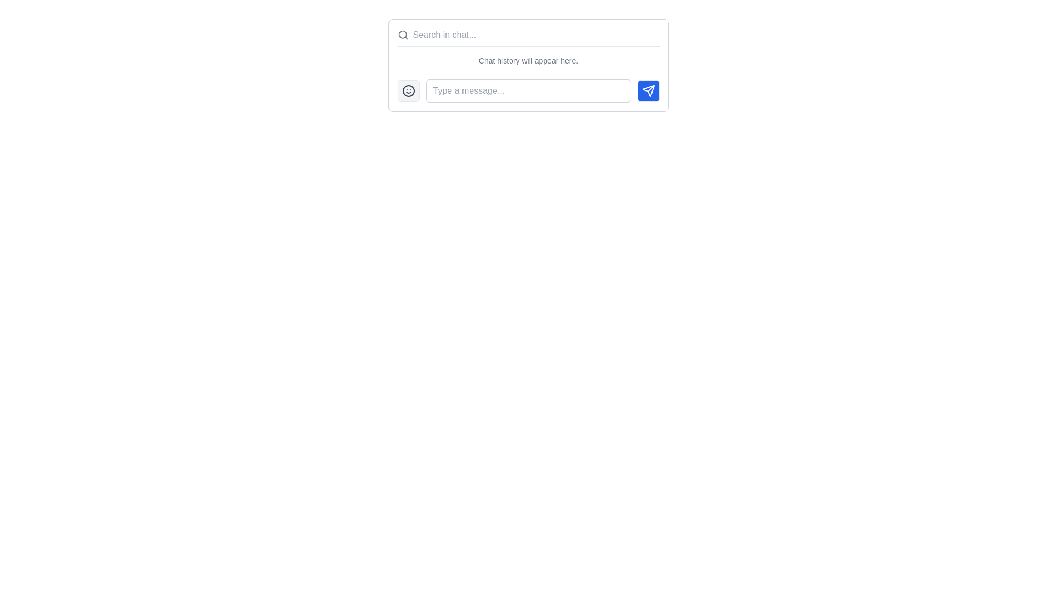 The image size is (1052, 592). What do you see at coordinates (408, 90) in the screenshot?
I see `the circular smiling face icon located in the top area of the page, slightly left of center` at bounding box center [408, 90].